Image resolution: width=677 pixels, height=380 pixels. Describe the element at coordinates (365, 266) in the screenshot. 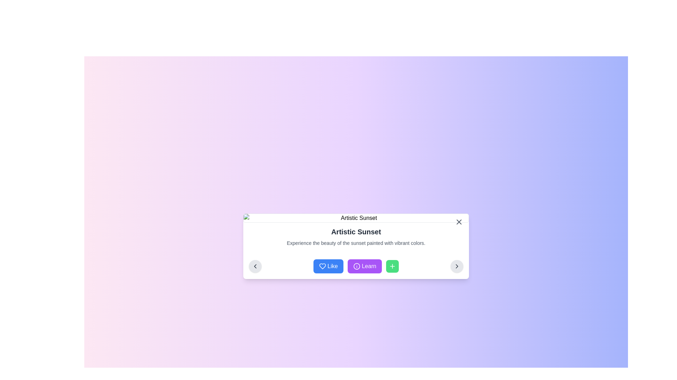

I see `the 'Learn' button located at the center of the modal window to observe its interactive styling` at that location.